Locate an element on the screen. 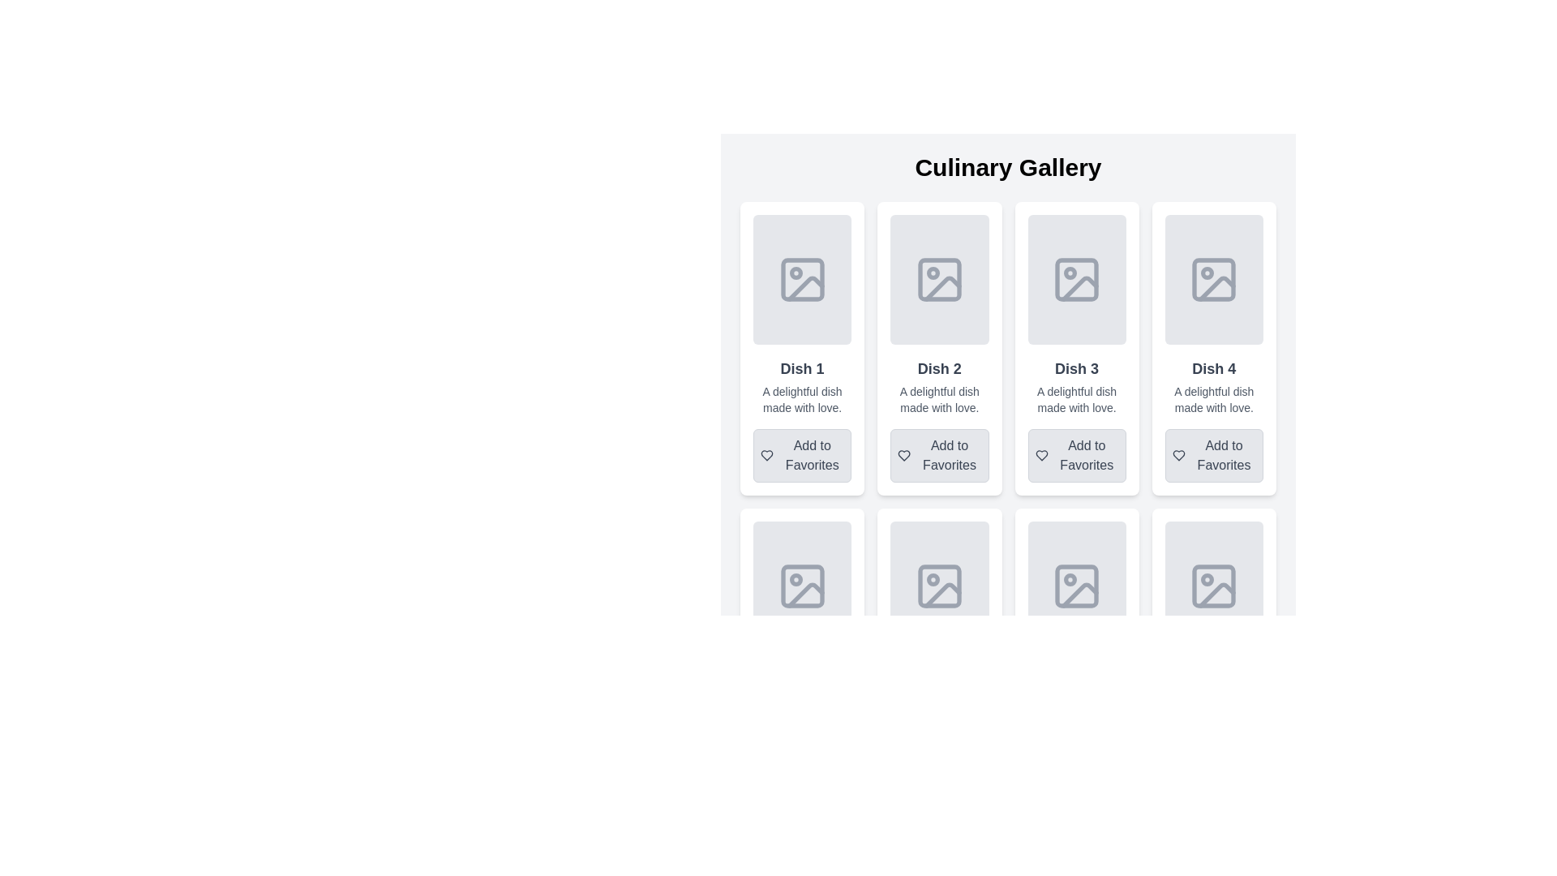 This screenshot has width=1557, height=876. the heart-shaped vector graphic icon located within the 'Add to Favorites' button beneath the 'Dish 1' card in the gallery grid is located at coordinates (766, 456).